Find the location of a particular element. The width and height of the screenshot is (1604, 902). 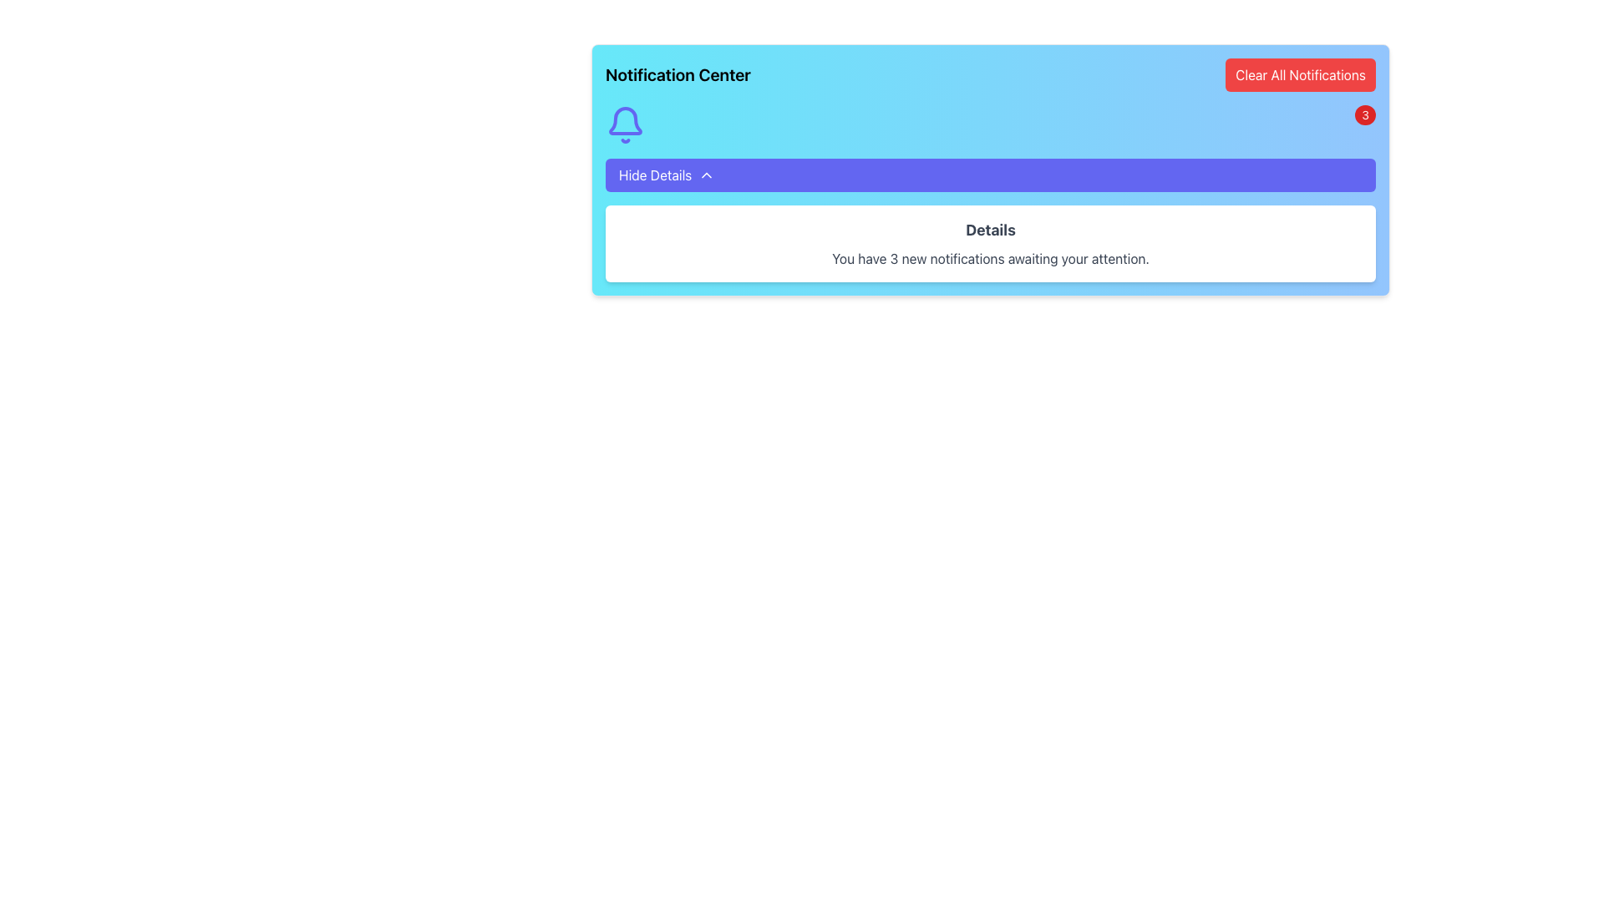

the button located below the title 'Notification Center' and the 'Clear All Notifications' button is located at coordinates (990, 175).